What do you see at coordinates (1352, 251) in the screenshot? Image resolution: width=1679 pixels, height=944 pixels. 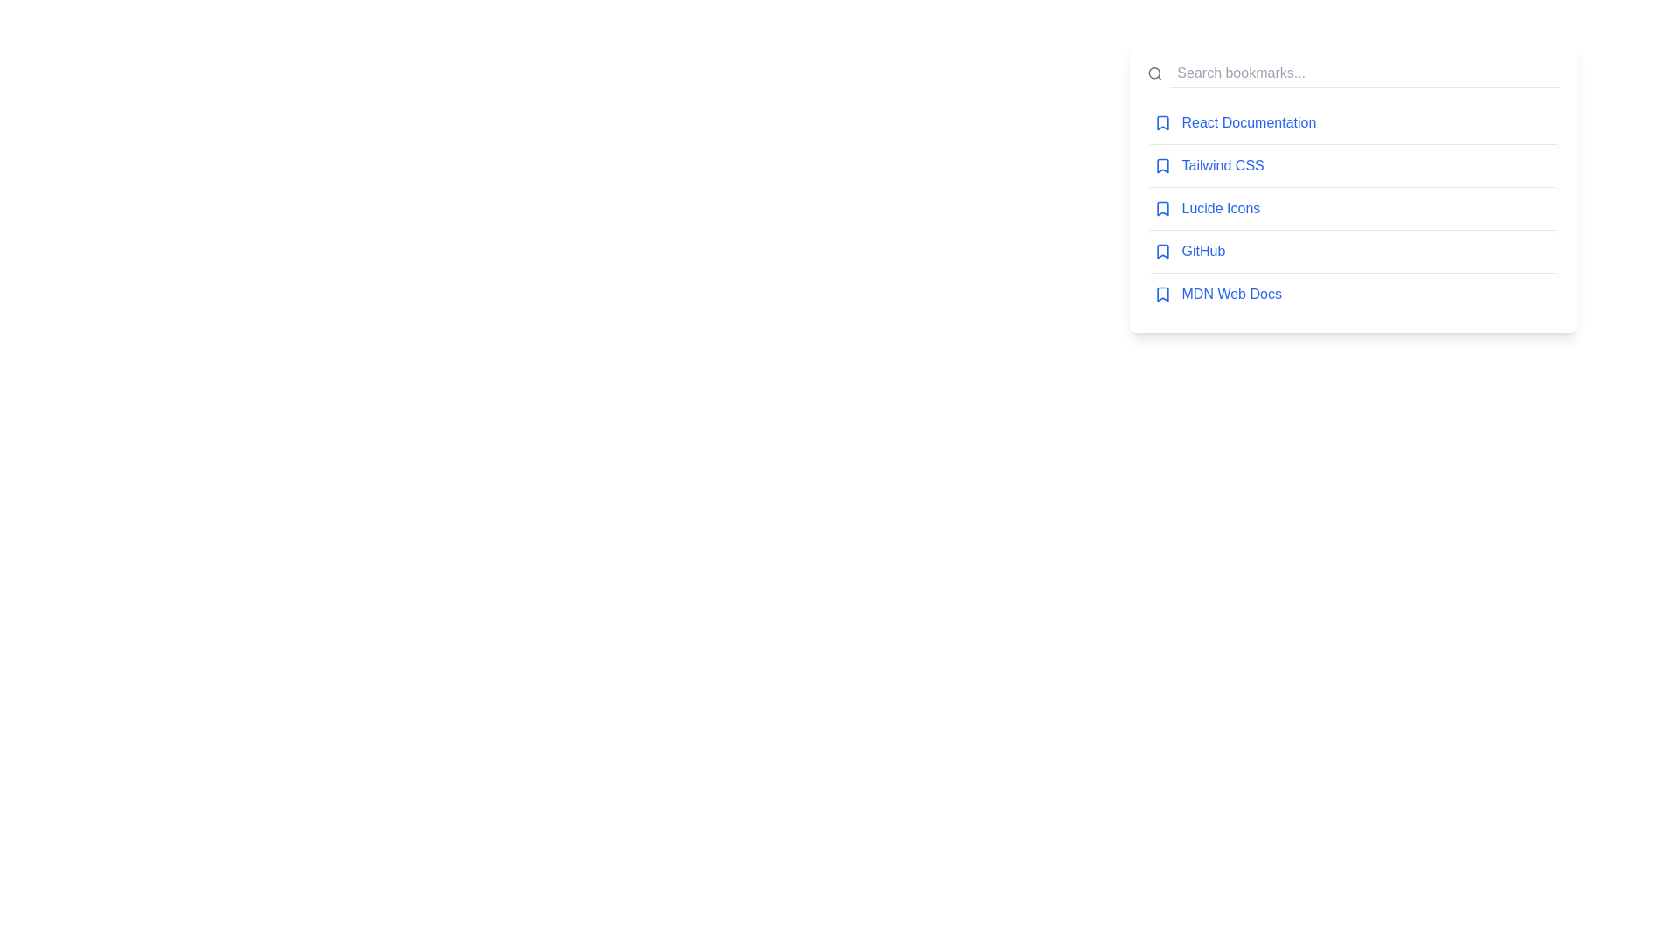 I see `the bookmark titled 'GitHub'` at bounding box center [1352, 251].